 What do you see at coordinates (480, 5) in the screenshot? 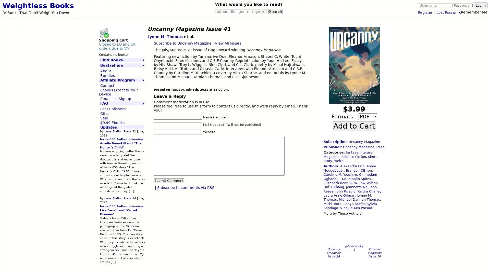
I see `Log In` at bounding box center [480, 5].